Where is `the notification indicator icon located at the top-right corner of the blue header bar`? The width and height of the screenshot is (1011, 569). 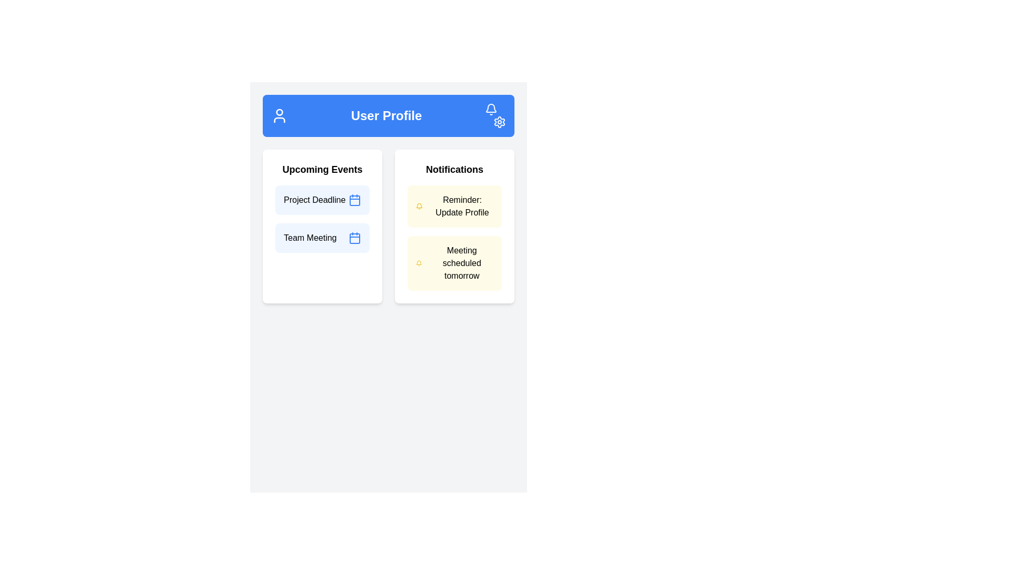
the notification indicator icon located at the top-right corner of the blue header bar is located at coordinates (490, 110).